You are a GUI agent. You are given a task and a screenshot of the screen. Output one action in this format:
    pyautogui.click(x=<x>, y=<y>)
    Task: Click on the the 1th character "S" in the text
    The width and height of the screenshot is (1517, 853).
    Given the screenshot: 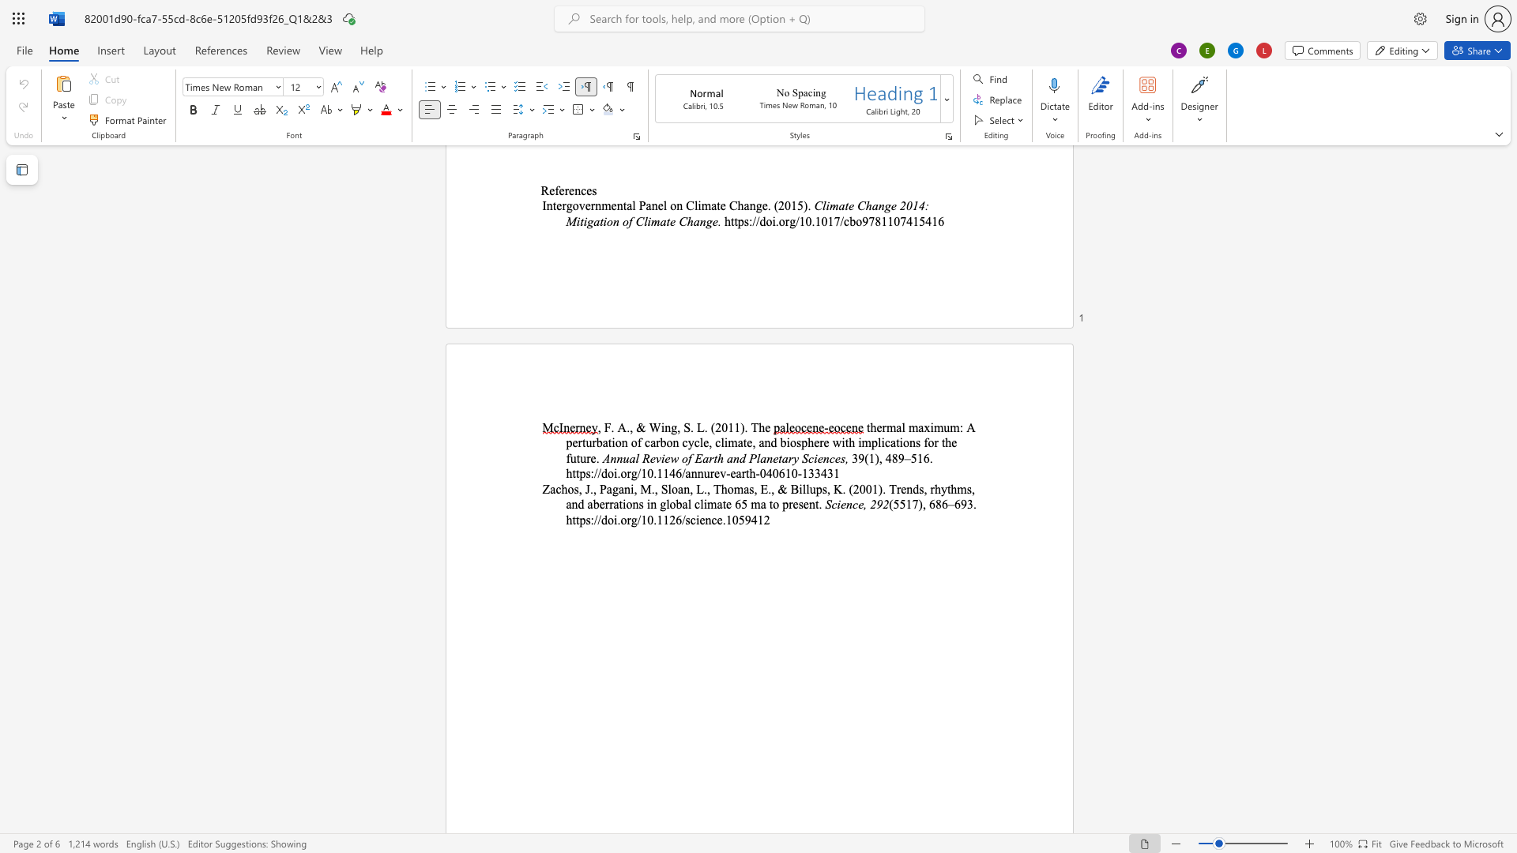 What is the action you would take?
    pyautogui.click(x=827, y=504)
    